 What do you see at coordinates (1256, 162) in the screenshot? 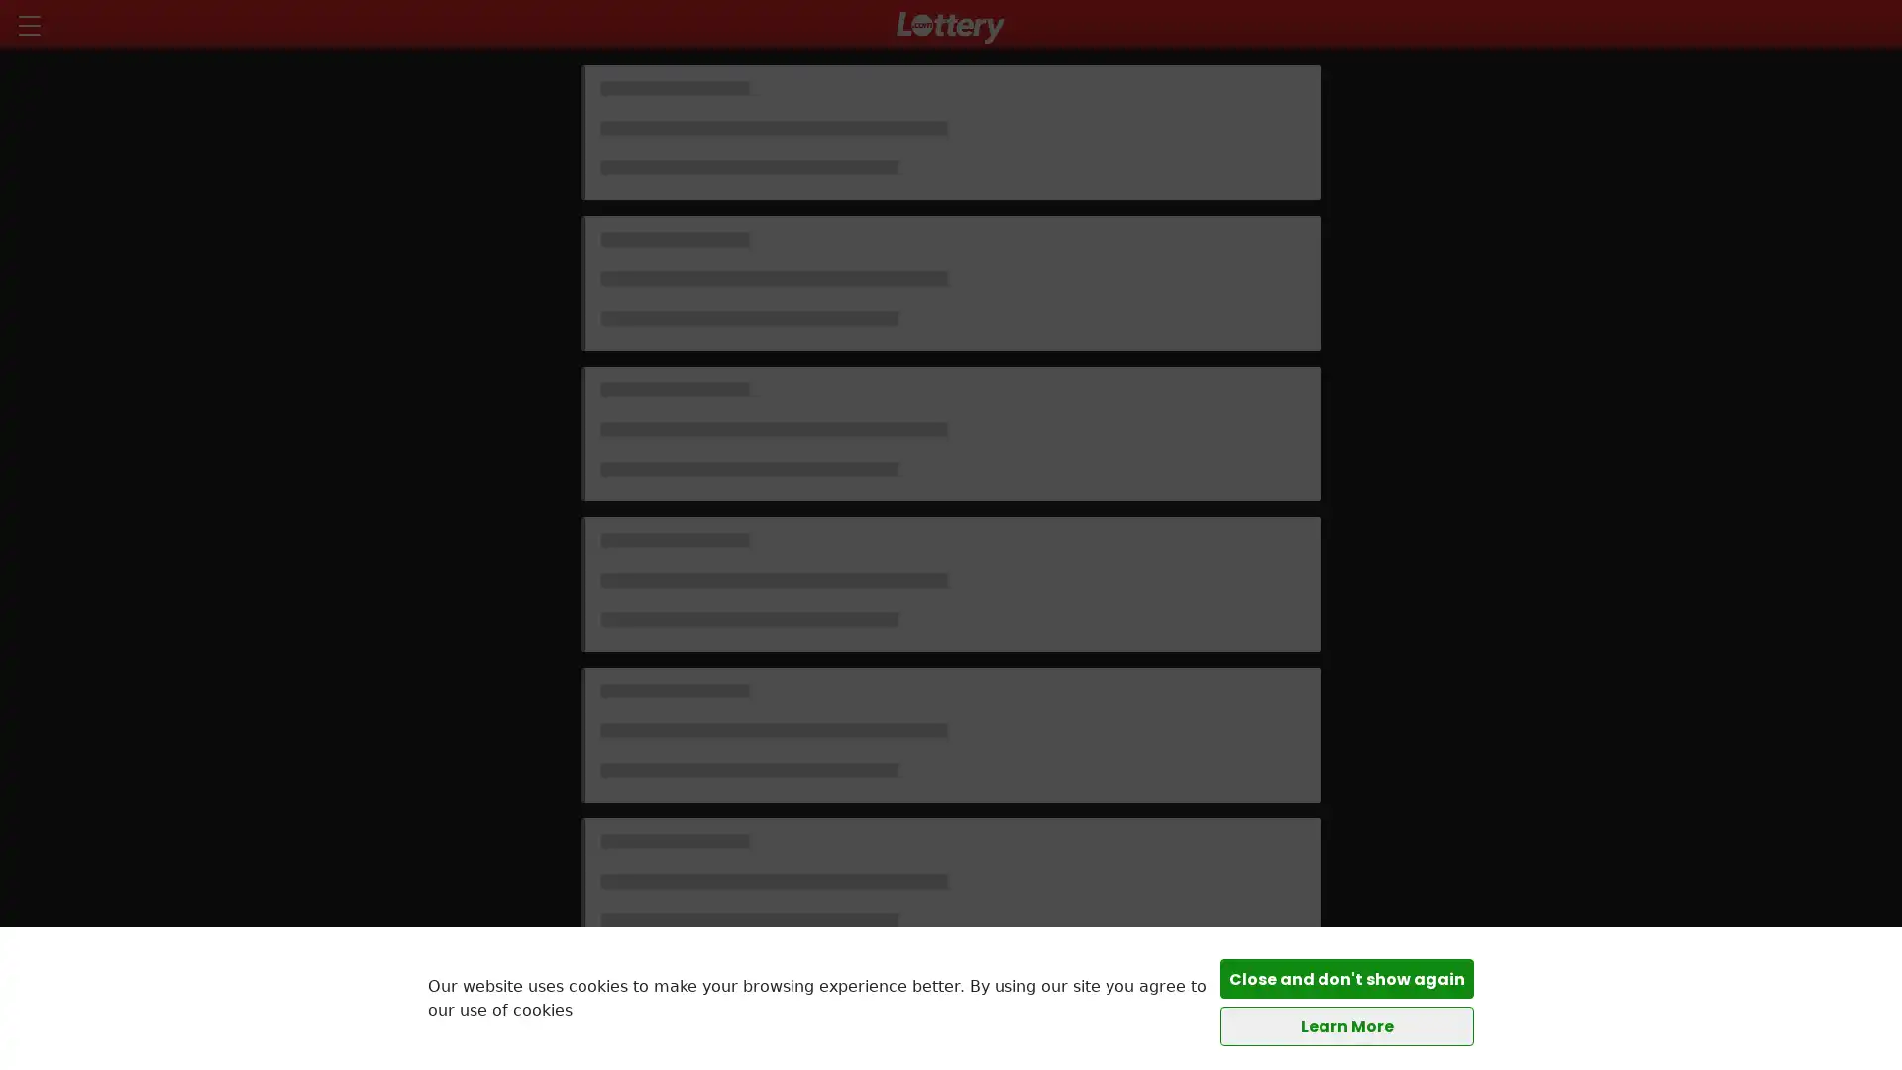
I see `$2.00` at bounding box center [1256, 162].